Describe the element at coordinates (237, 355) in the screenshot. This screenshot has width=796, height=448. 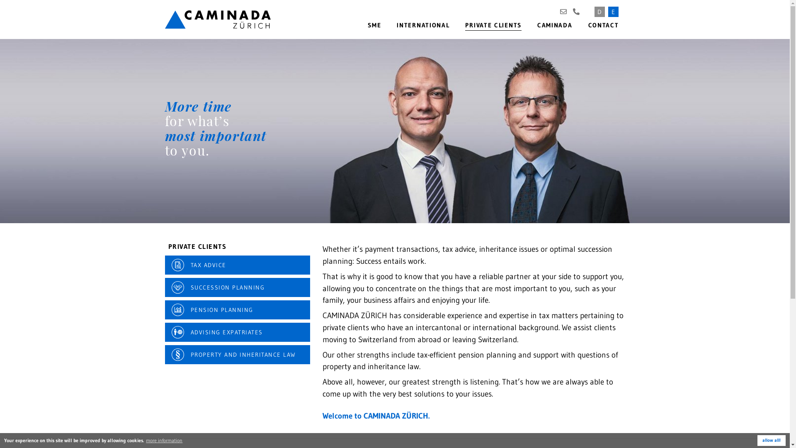
I see `'PROPERTY AND INHERITANCE LAW'` at that location.